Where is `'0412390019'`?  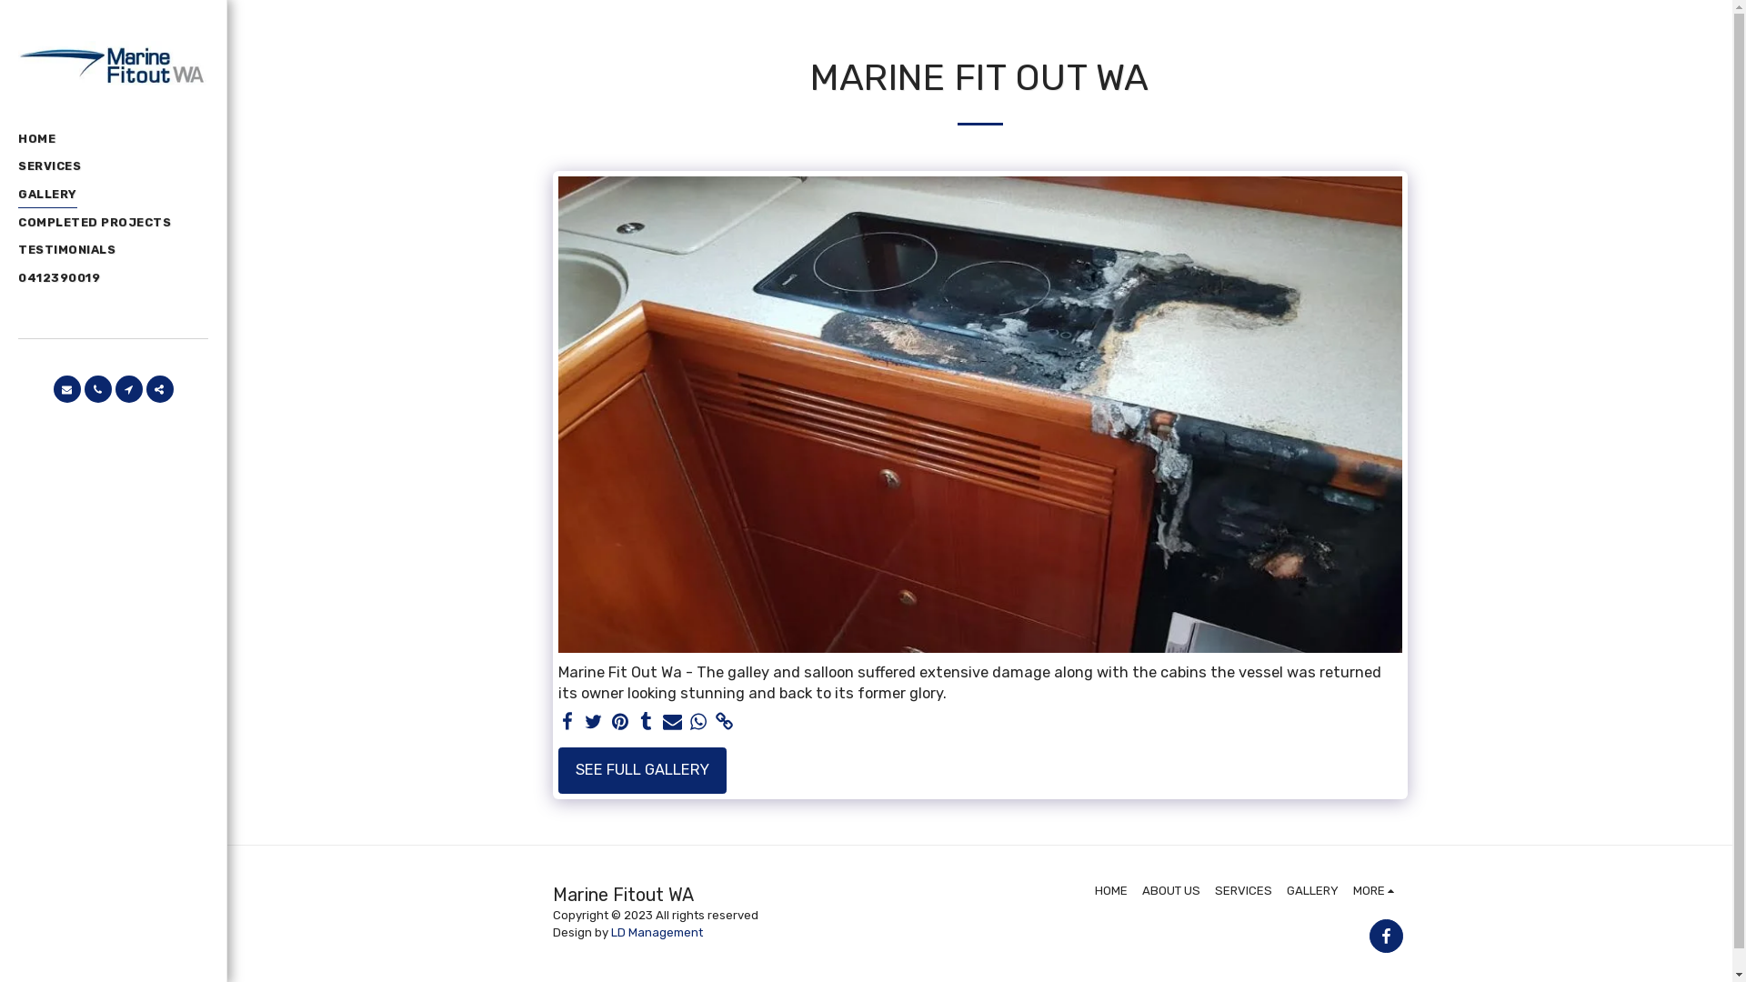 '0412390019' is located at coordinates (17, 277).